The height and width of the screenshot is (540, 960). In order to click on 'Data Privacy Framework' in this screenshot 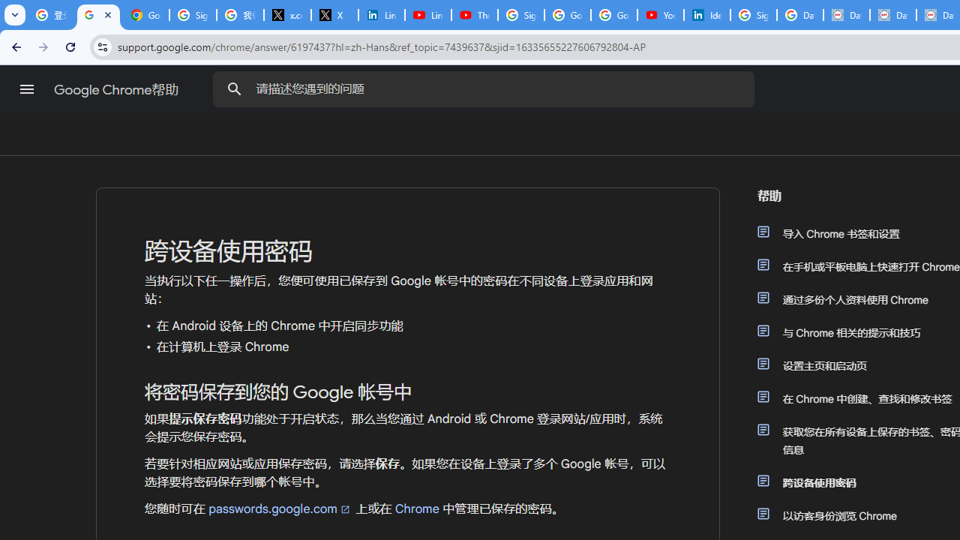, I will do `click(846, 15)`.